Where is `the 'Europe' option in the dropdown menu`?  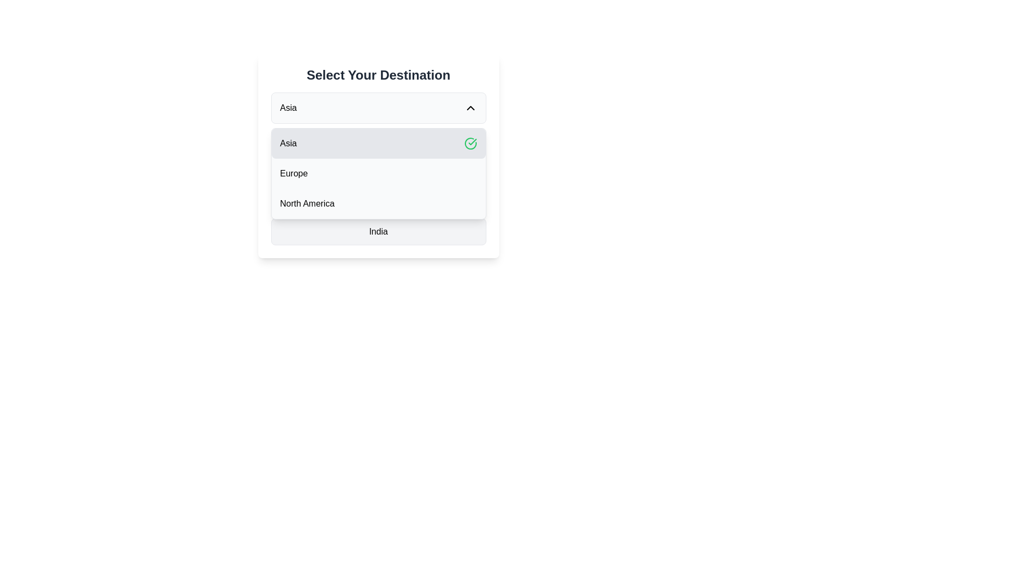 the 'Europe' option in the dropdown menu is located at coordinates (294, 173).